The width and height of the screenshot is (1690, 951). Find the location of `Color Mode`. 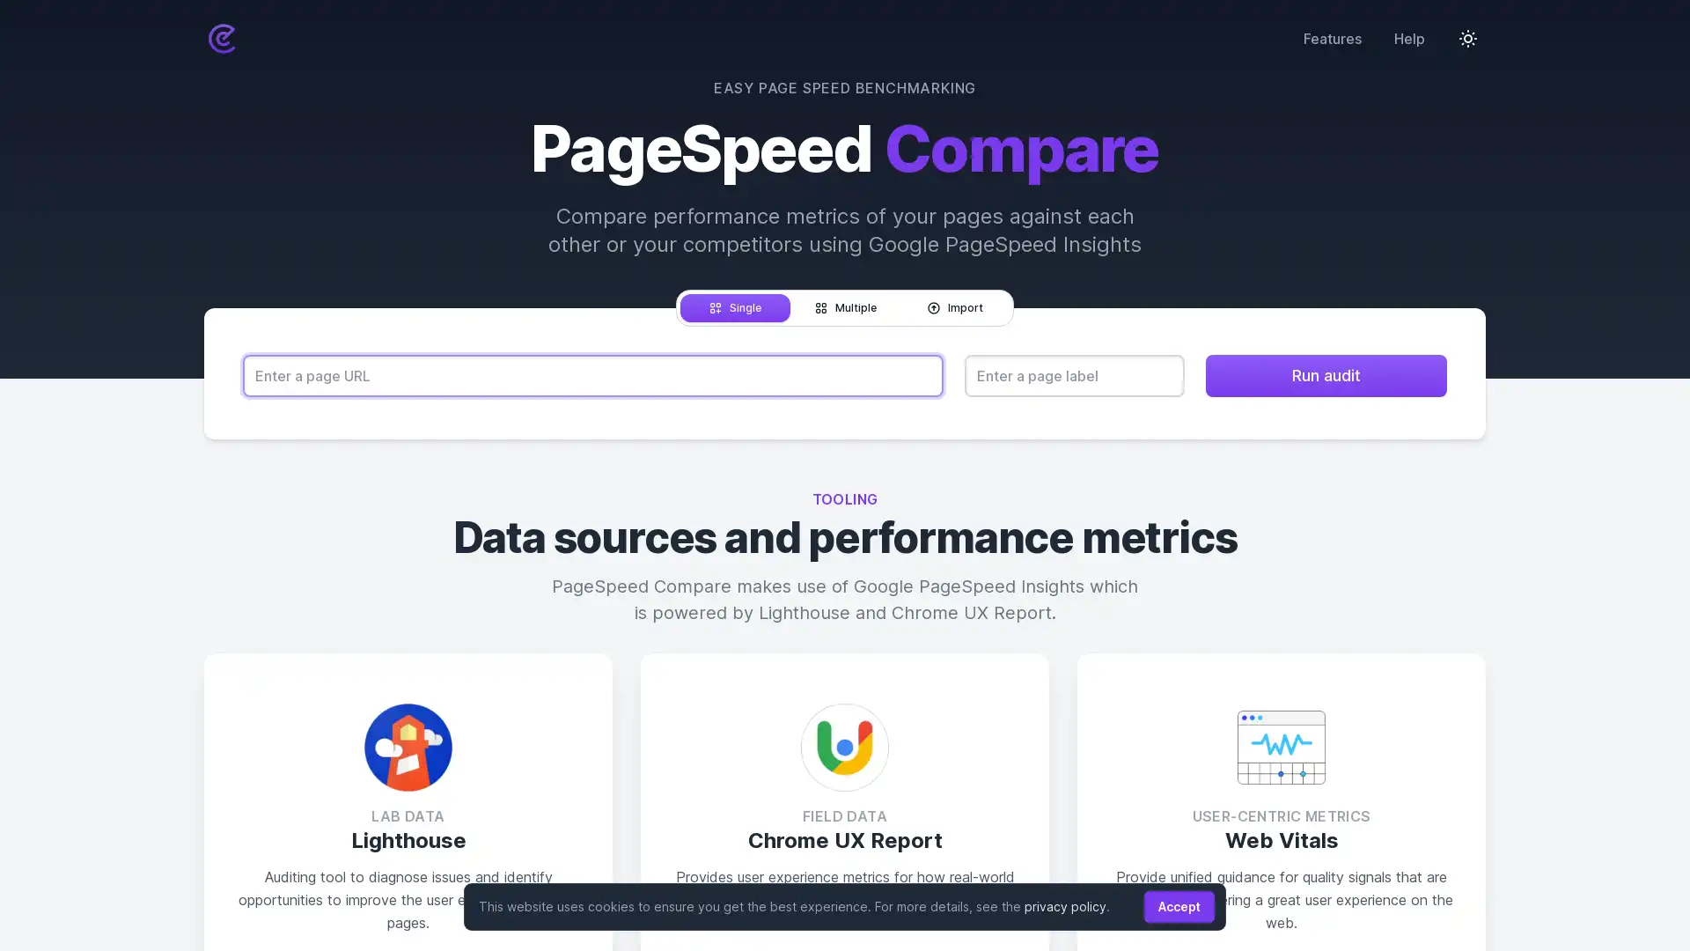

Color Mode is located at coordinates (1468, 37).